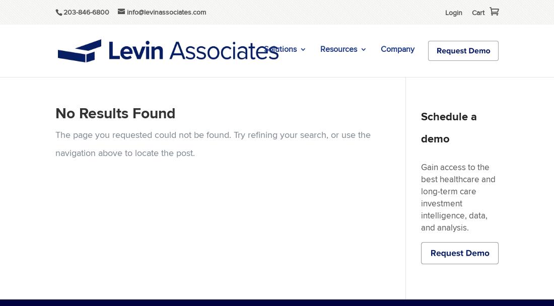 This screenshot has height=306, width=554. I want to click on 'The page you requested could not be found. Try refining your search, or use the navigation above to locate the post.', so click(212, 143).